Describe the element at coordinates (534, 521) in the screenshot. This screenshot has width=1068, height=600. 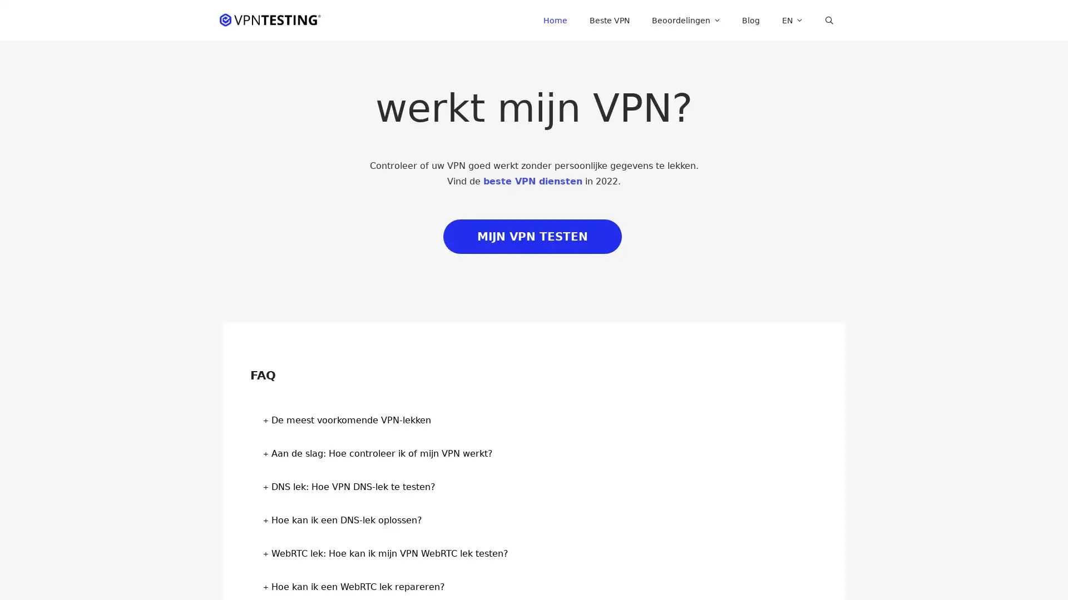
I see `Hoe kan ik een DNS-lek oplossen? +` at that location.